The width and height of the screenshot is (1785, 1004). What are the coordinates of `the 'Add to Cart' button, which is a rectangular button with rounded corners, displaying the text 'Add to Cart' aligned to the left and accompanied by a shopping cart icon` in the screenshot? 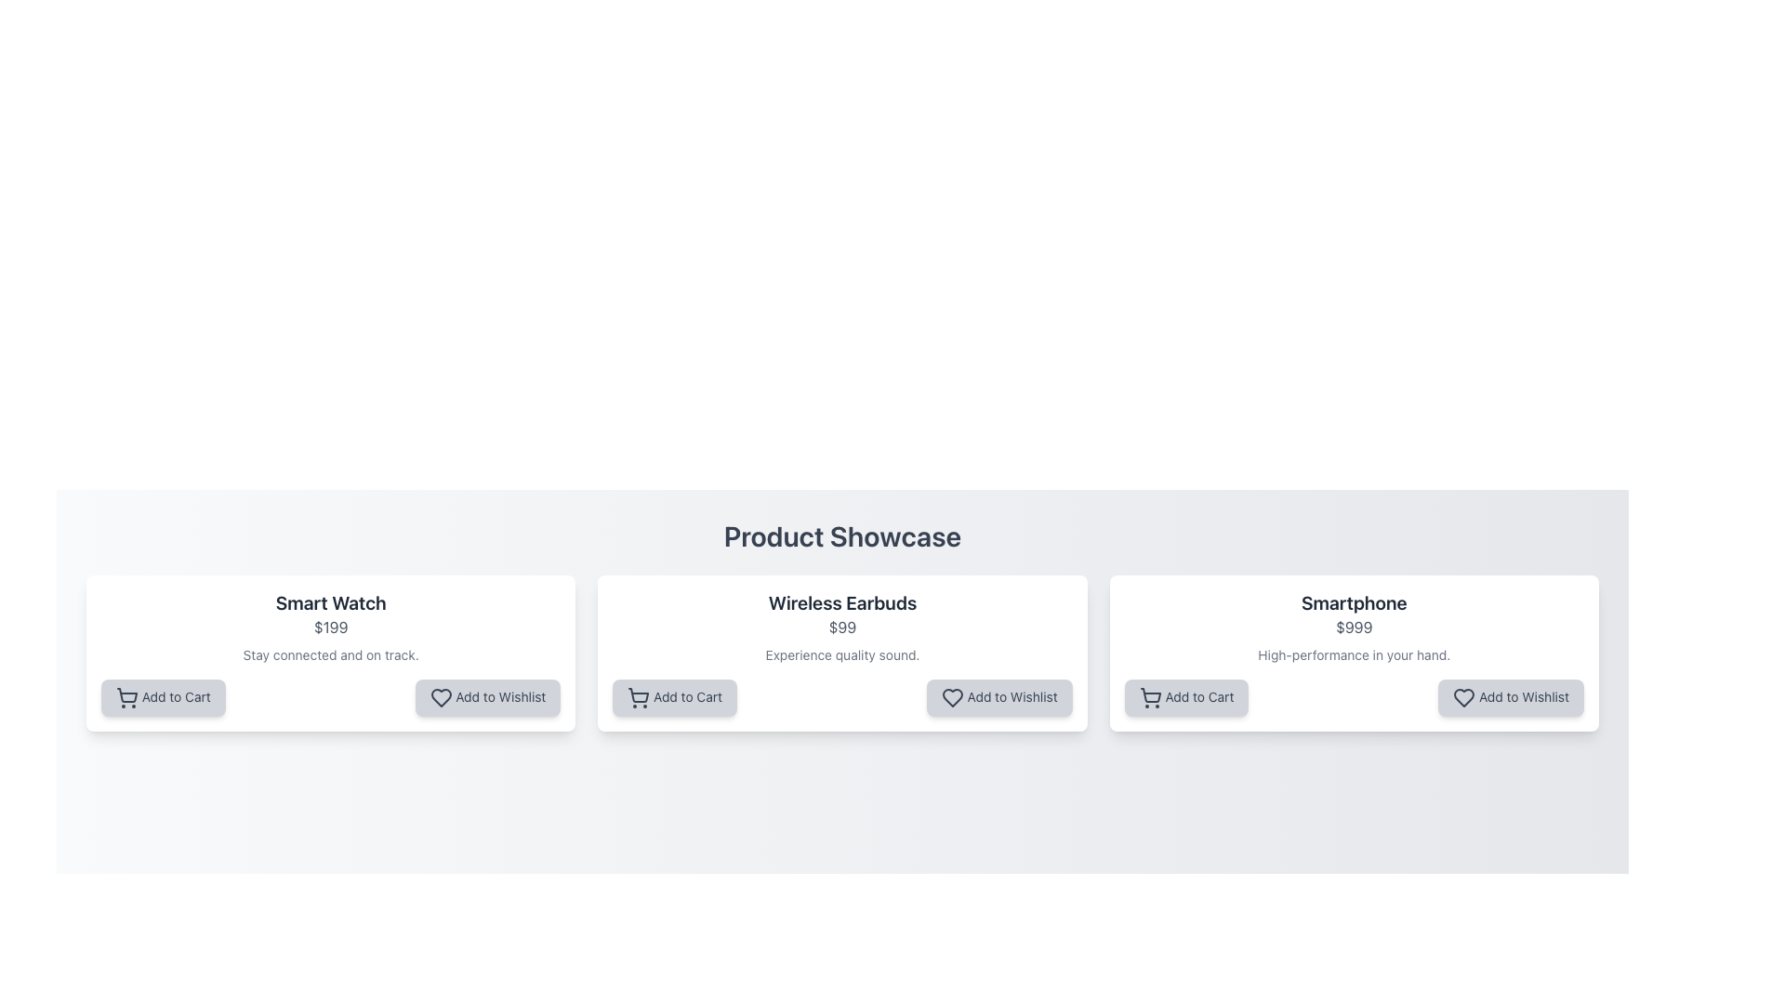 It's located at (1185, 698).